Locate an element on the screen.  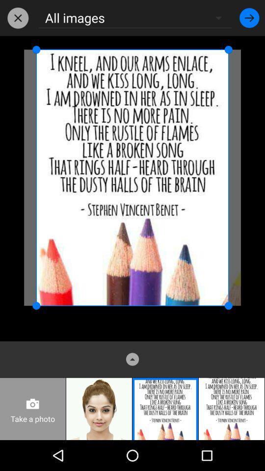
the icon to the right of the all images item is located at coordinates (249, 17).